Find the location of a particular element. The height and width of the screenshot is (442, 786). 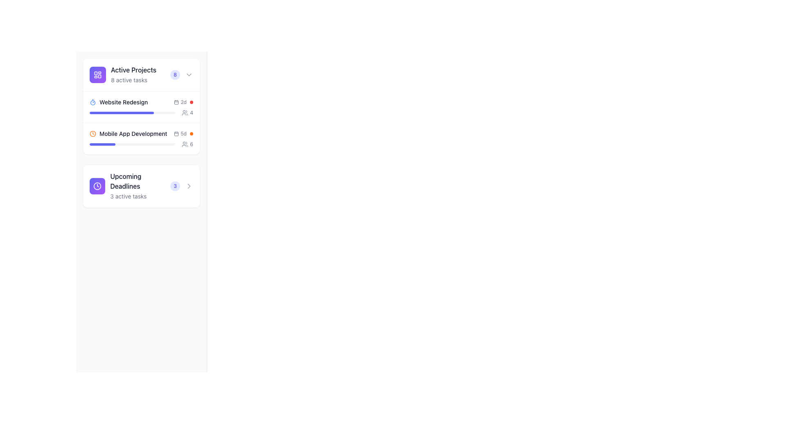

the date or deadline icon located to the left of the text '2d', which is part of a horizontally aligned group of elements is located at coordinates (176, 102).